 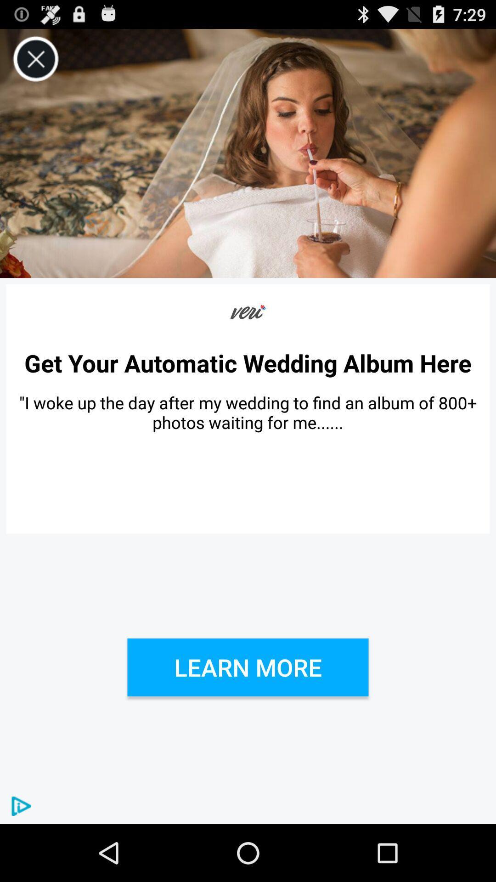 I want to click on the icon above the learn more, so click(x=248, y=412).